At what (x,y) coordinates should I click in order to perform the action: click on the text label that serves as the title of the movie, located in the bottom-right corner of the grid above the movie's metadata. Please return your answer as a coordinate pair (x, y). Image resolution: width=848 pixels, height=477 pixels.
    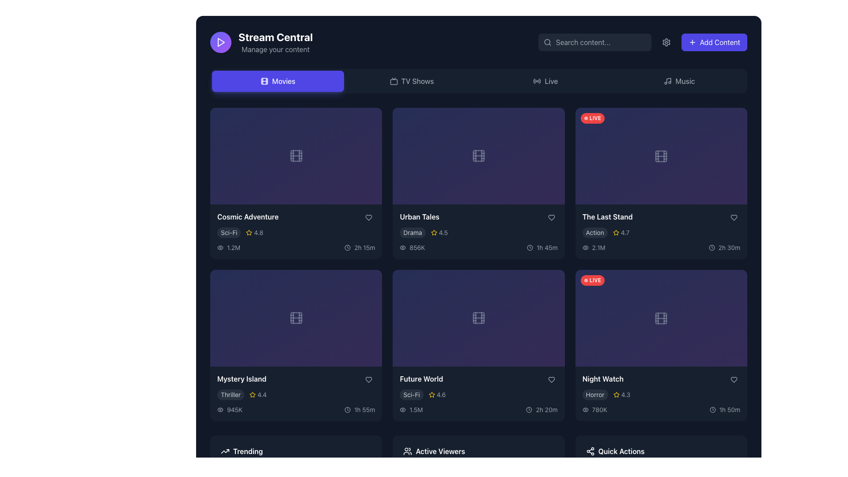
    Looking at the image, I should click on (607, 216).